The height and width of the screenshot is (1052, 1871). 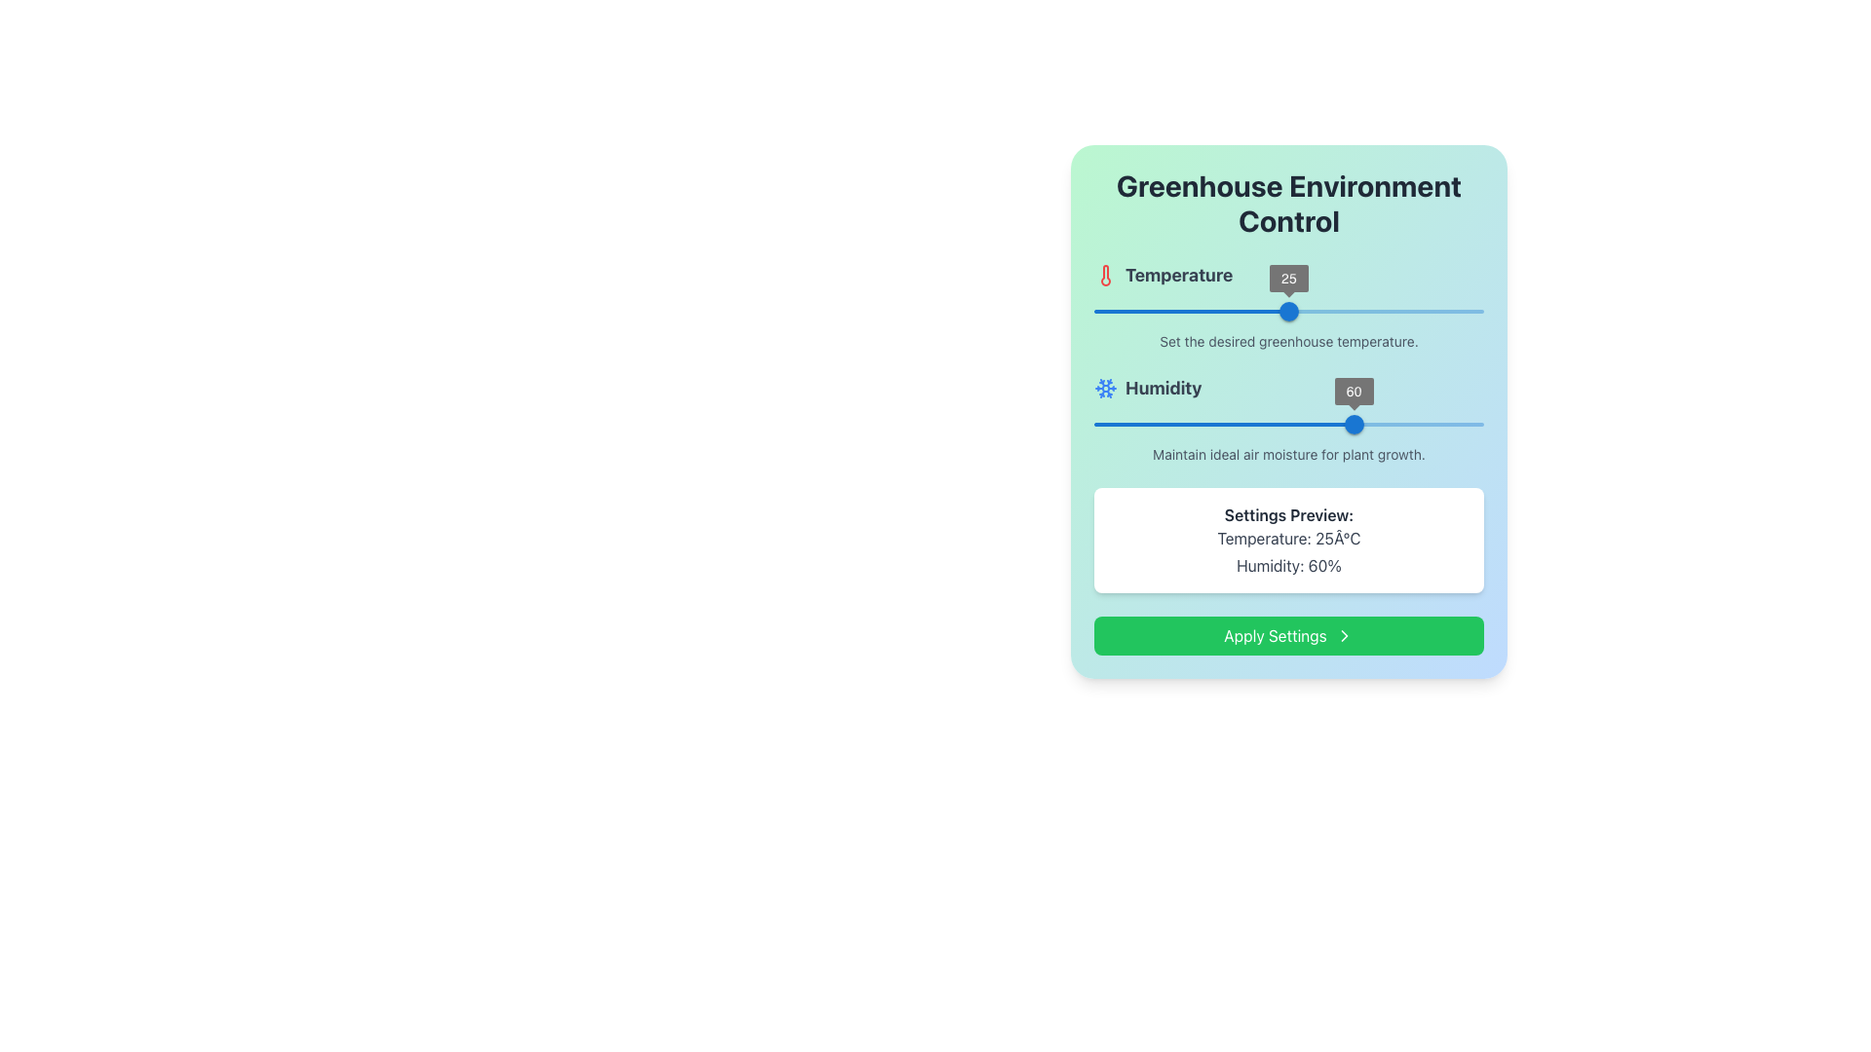 What do you see at coordinates (1289, 278) in the screenshot?
I see `the numeric value '25' displayed in the circular badge located above the blue slider handle in the 'Greenhouse Environment Control' panel` at bounding box center [1289, 278].